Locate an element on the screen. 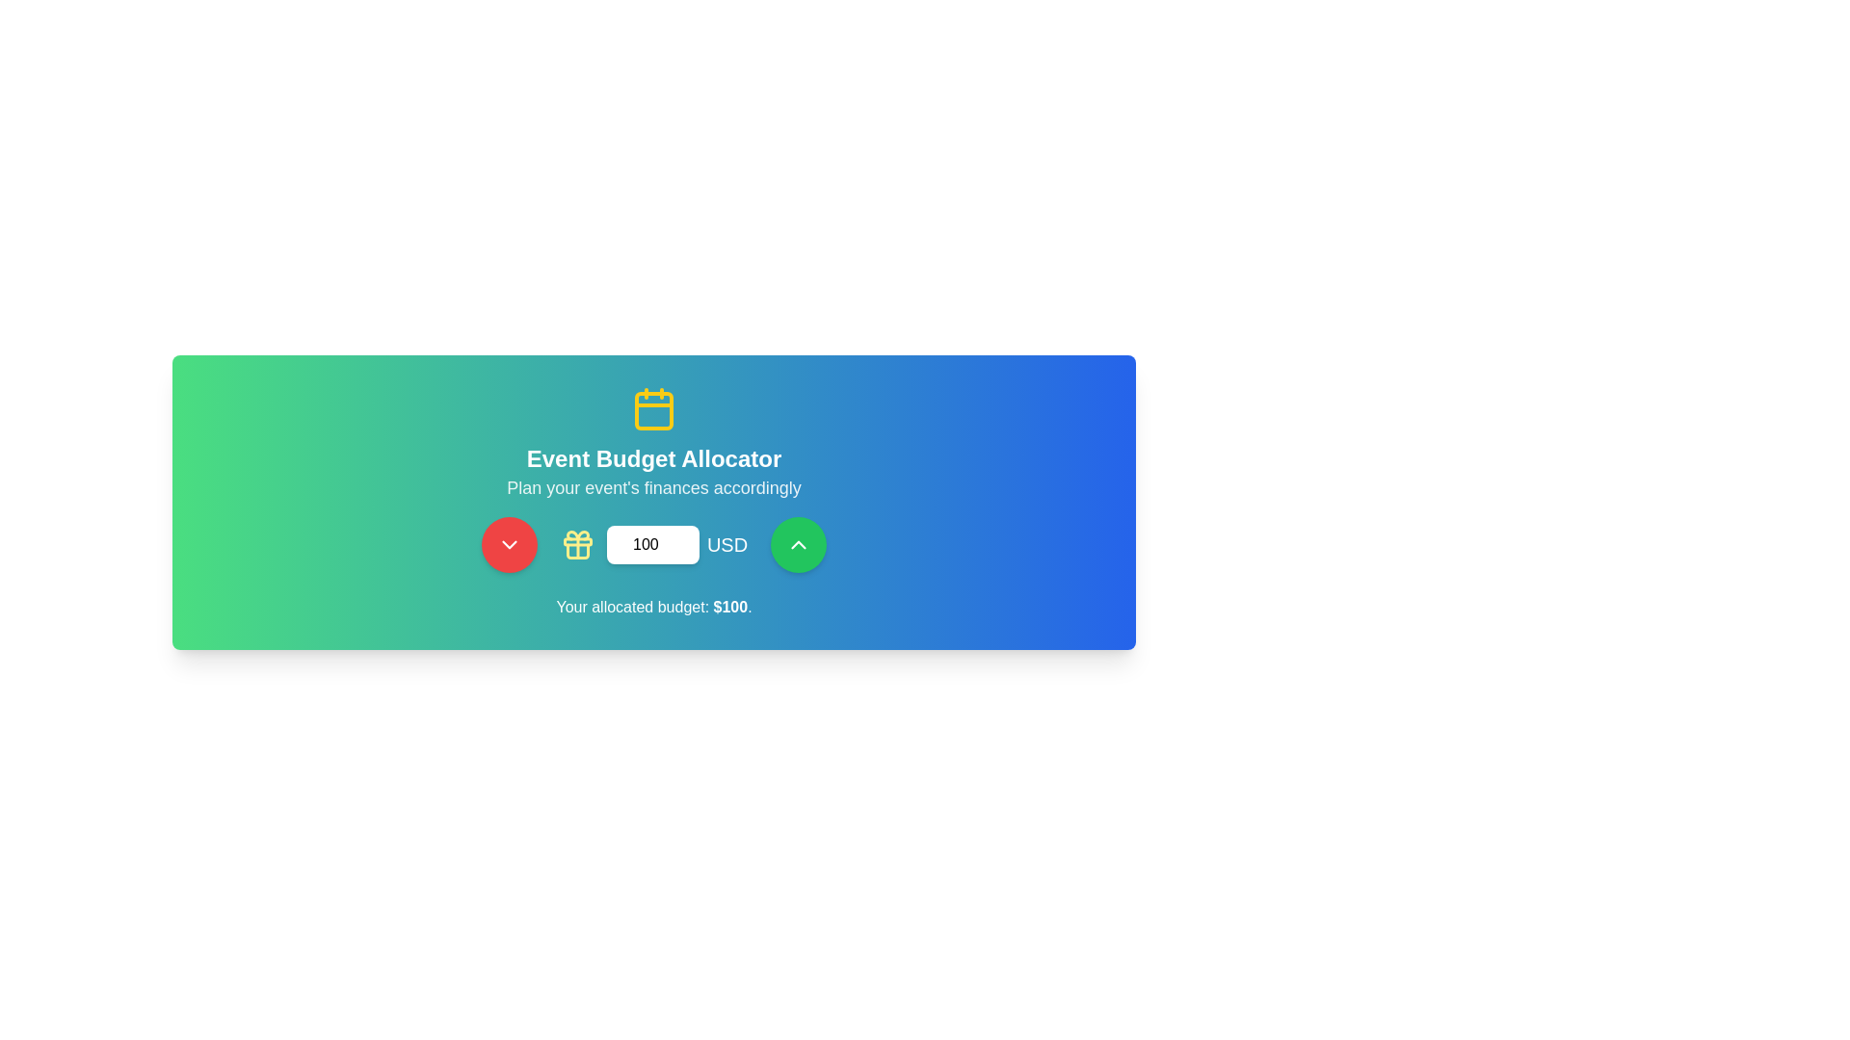 Image resolution: width=1850 pixels, height=1040 pixels. the upward action icon, which is located to the right of the 'USD' text input field is located at coordinates (799, 545).